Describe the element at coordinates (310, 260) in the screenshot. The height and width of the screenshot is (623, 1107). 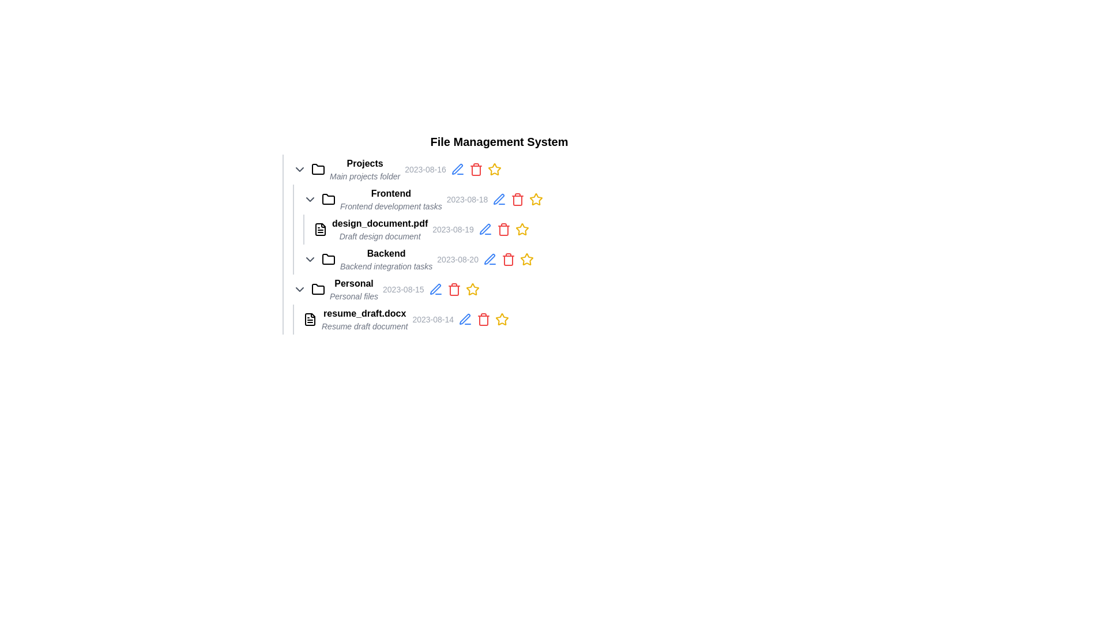
I see `the downward-pointing chevron button located to the left of the 'Backend' text` at that location.